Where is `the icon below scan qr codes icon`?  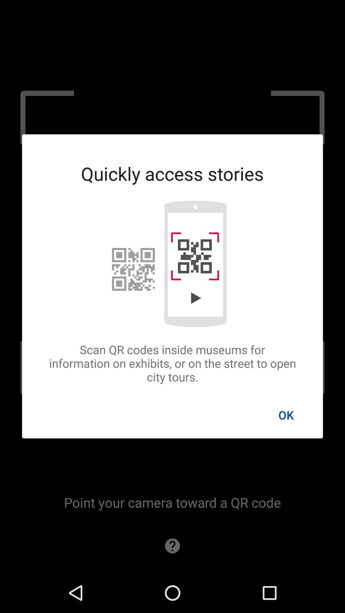 the icon below scan qr codes icon is located at coordinates (286, 415).